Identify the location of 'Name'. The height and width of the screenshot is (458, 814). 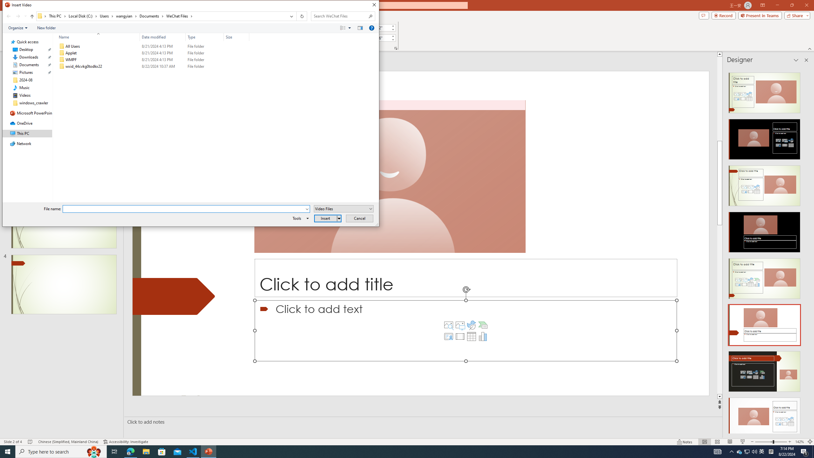
(102, 66).